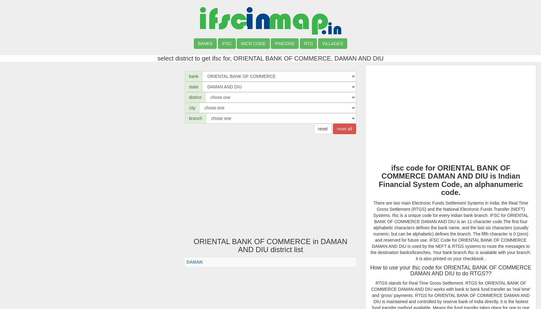 Image resolution: width=541 pixels, height=309 pixels. What do you see at coordinates (205, 44) in the screenshot?
I see `'BANKS'` at bounding box center [205, 44].